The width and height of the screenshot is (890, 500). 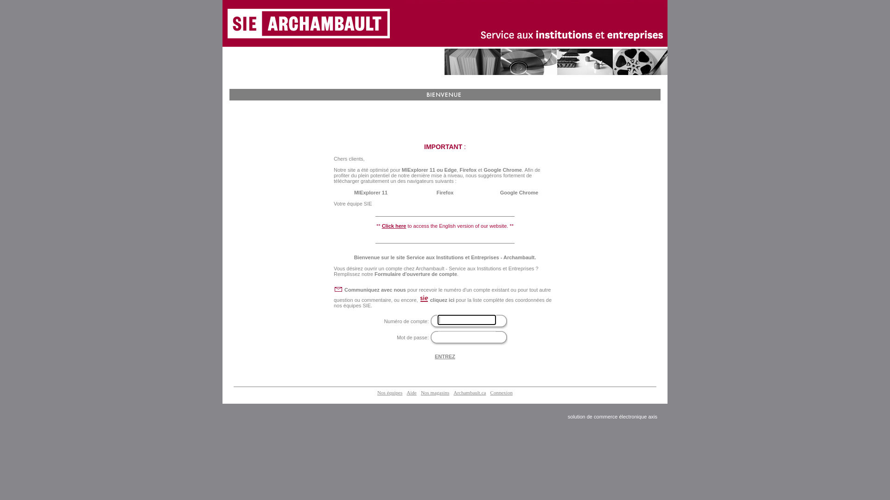 I want to click on 'Communiquez avec nous', so click(x=375, y=289).